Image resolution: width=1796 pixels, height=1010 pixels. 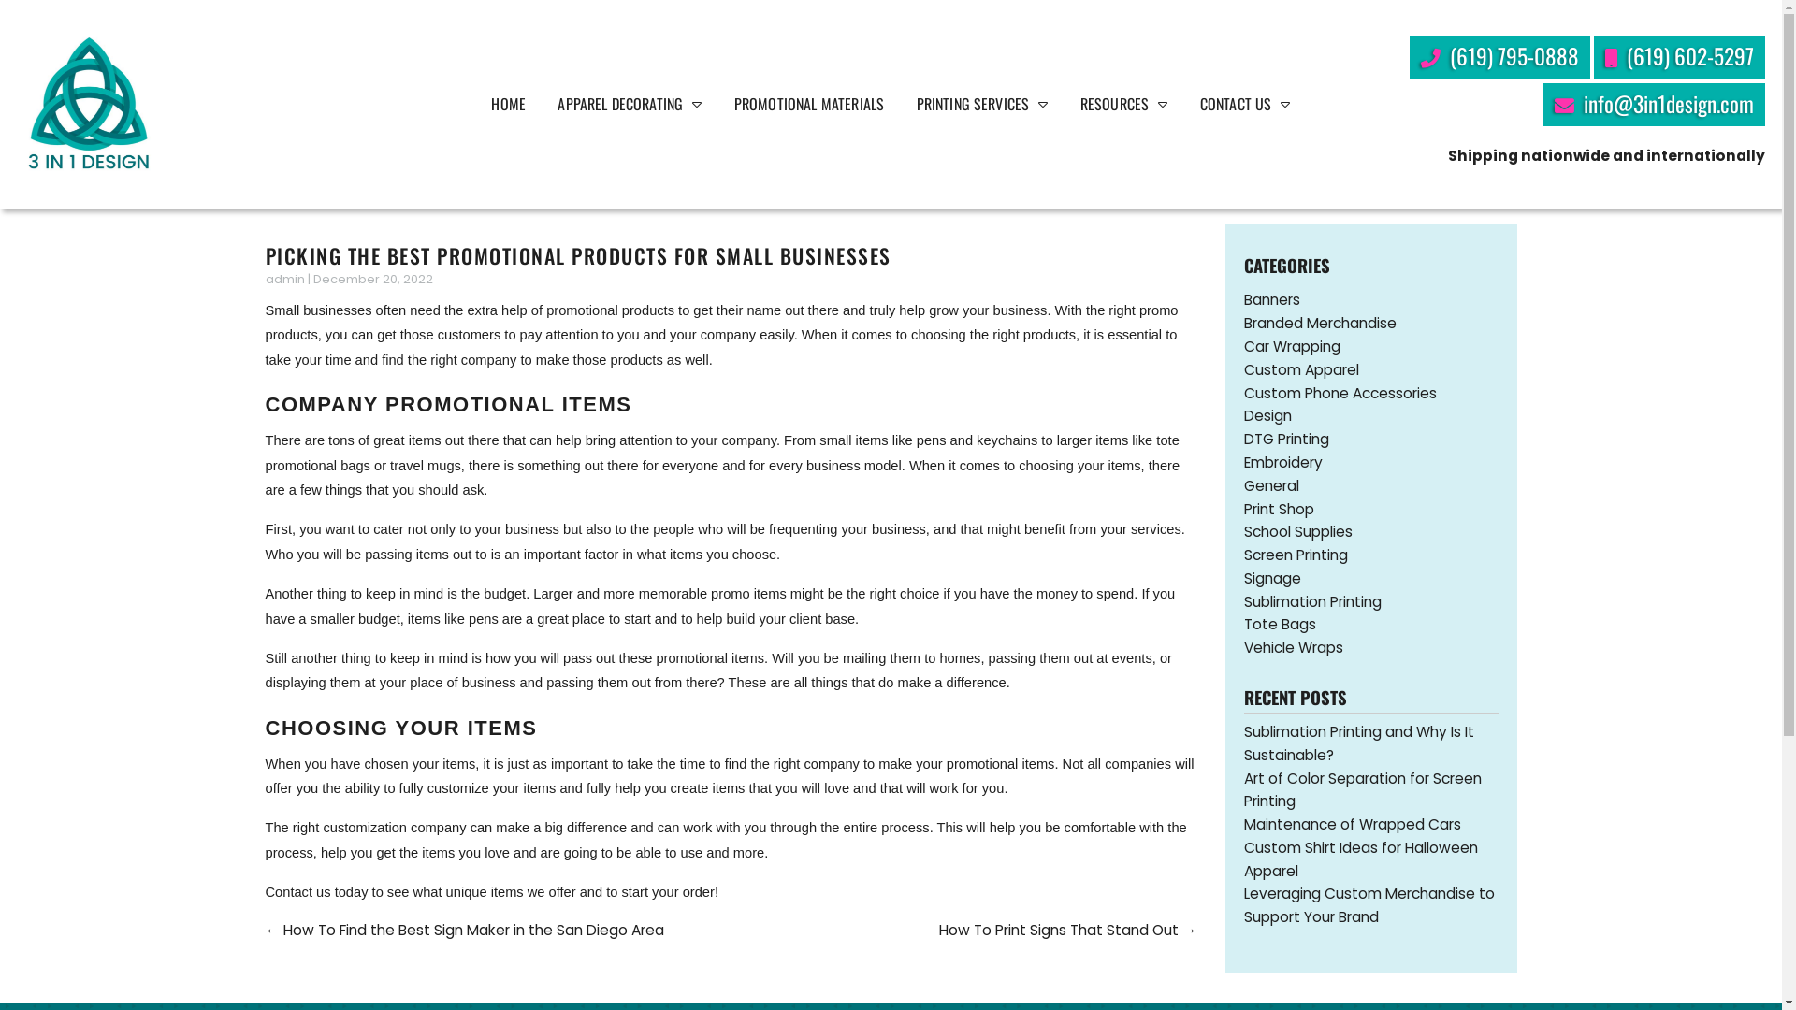 What do you see at coordinates (1292, 646) in the screenshot?
I see `'Vehicle Wraps'` at bounding box center [1292, 646].